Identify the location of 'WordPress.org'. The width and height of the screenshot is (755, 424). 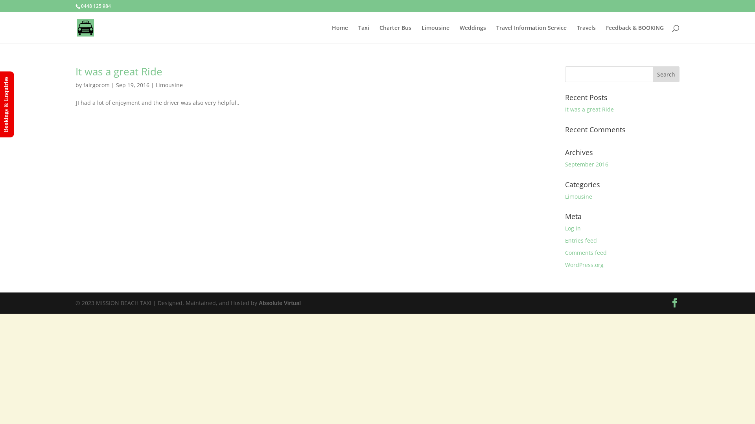
(584, 265).